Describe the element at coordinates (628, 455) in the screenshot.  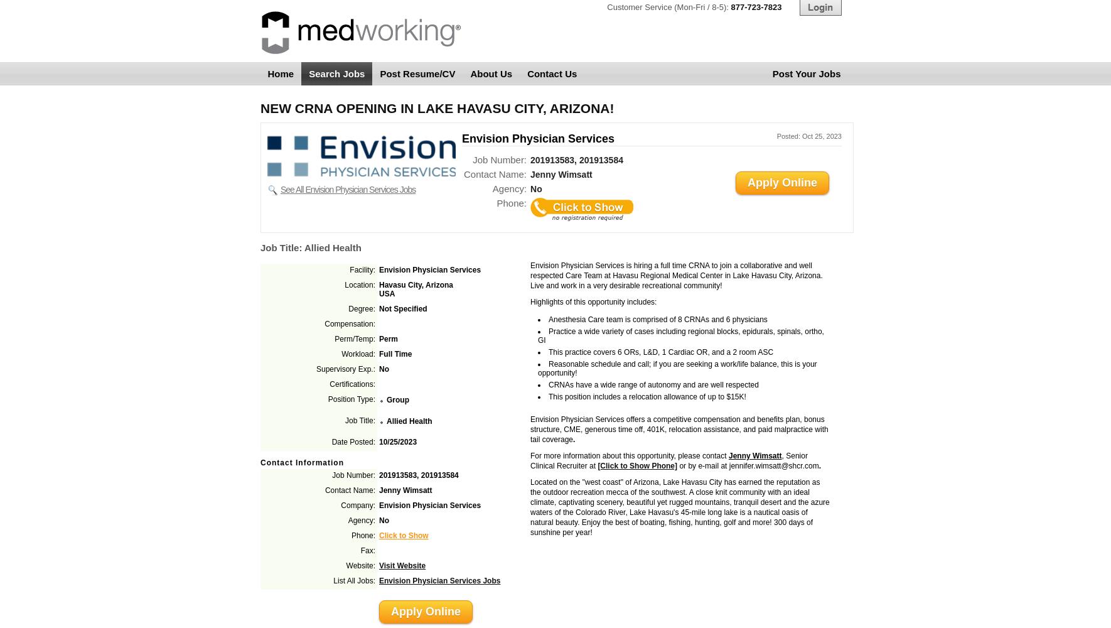
I see `'For more information about this opportunity, please contact'` at that location.